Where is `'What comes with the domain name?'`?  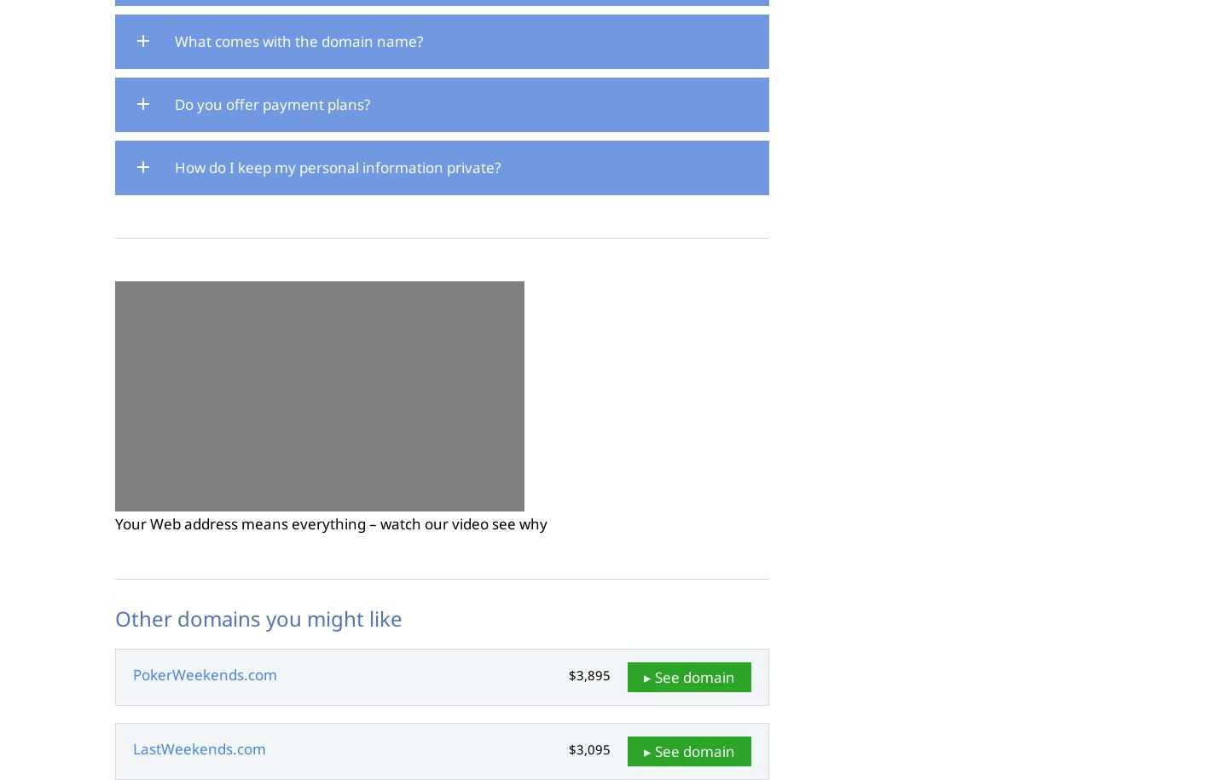
'What comes with the domain name?' is located at coordinates (298, 41).